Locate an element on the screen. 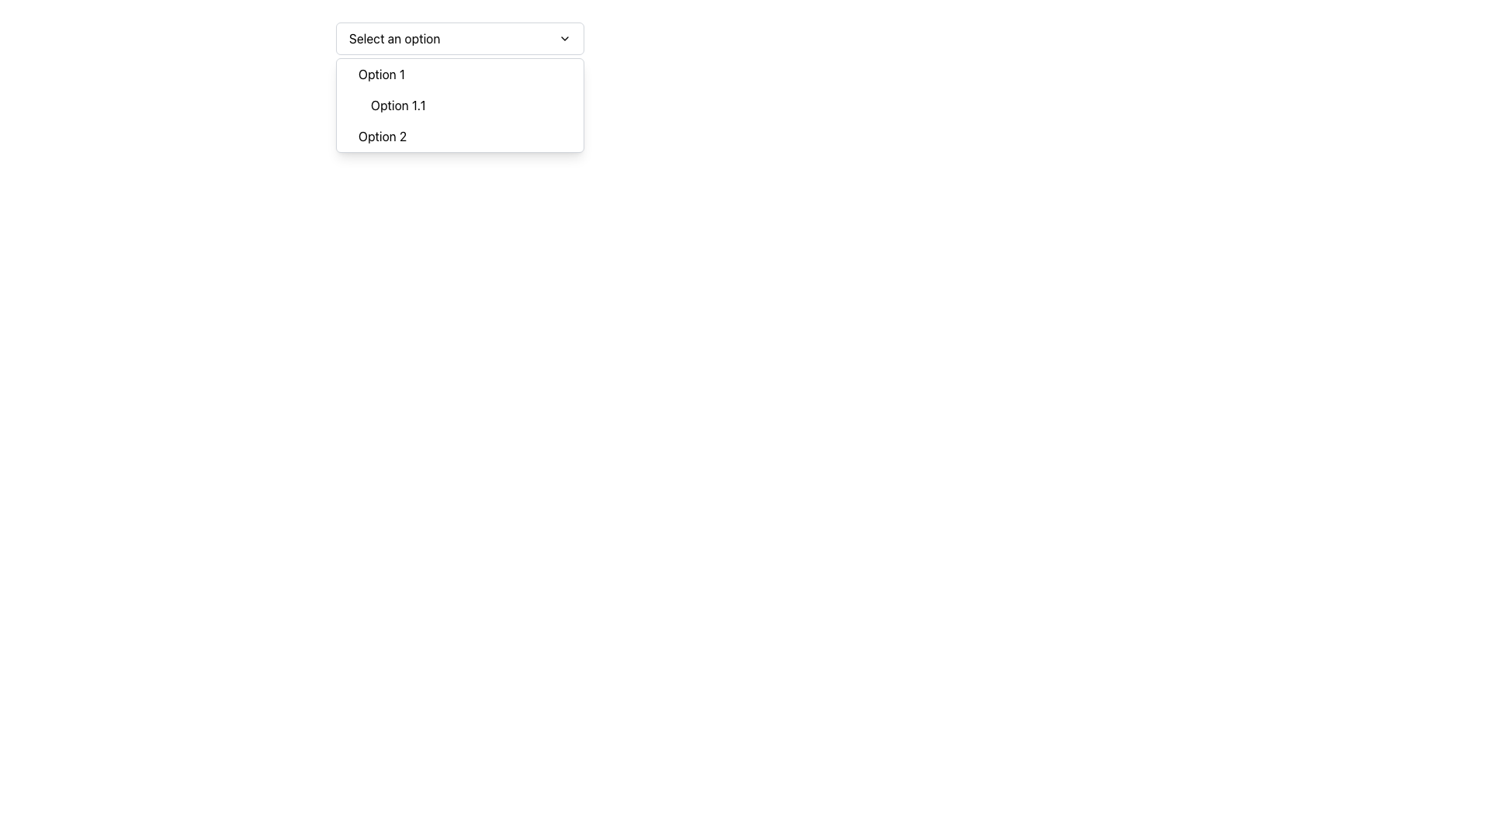  the button labeled 'Option 1' is located at coordinates (465, 74).